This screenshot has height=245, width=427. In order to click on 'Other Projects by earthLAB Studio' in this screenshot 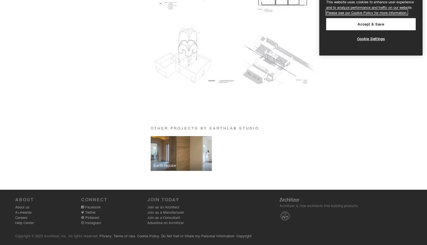, I will do `click(205, 128)`.